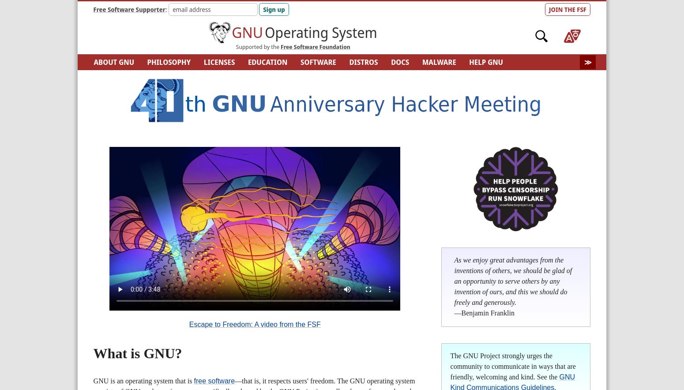 Image resolution: width=684 pixels, height=390 pixels. Describe the element at coordinates (315, 46) in the screenshot. I see `'Free Software Foundation'` at that location.